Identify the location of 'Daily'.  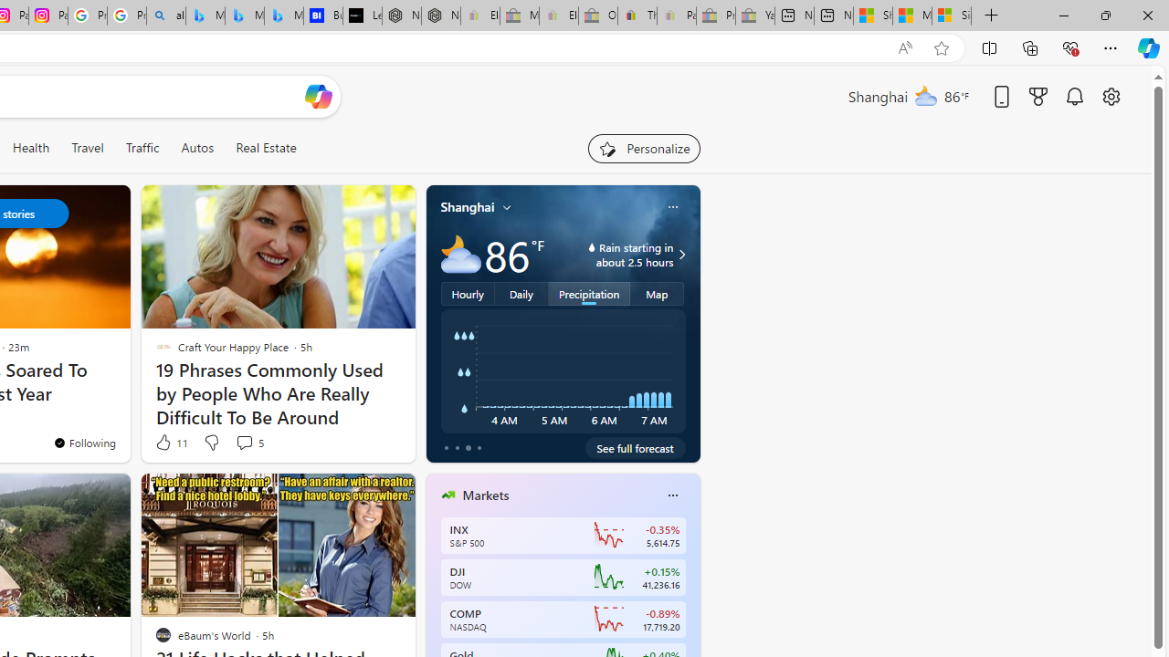
(521, 292).